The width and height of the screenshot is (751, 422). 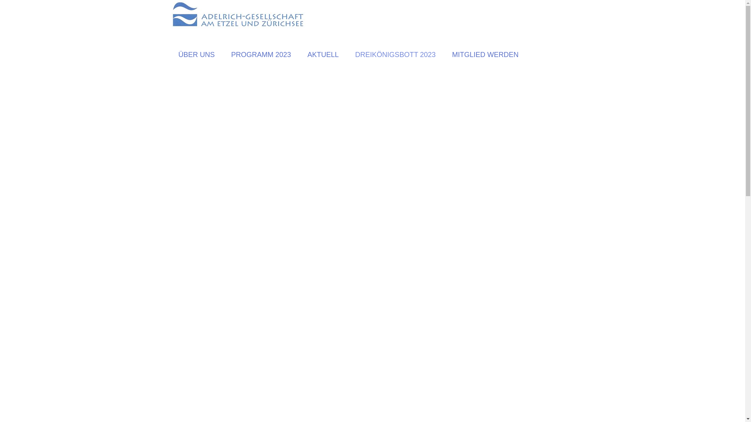 I want to click on 'AKTUELL', so click(x=299, y=55).